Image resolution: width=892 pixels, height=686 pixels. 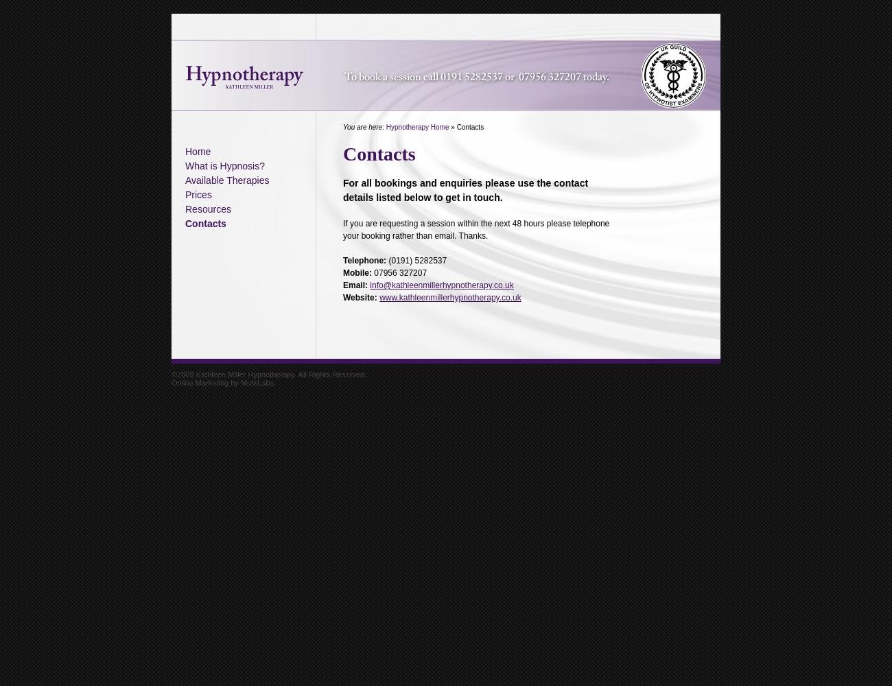 I want to click on 'www.kathleenmillerhypnotherapy.co.uk', so click(x=449, y=298).